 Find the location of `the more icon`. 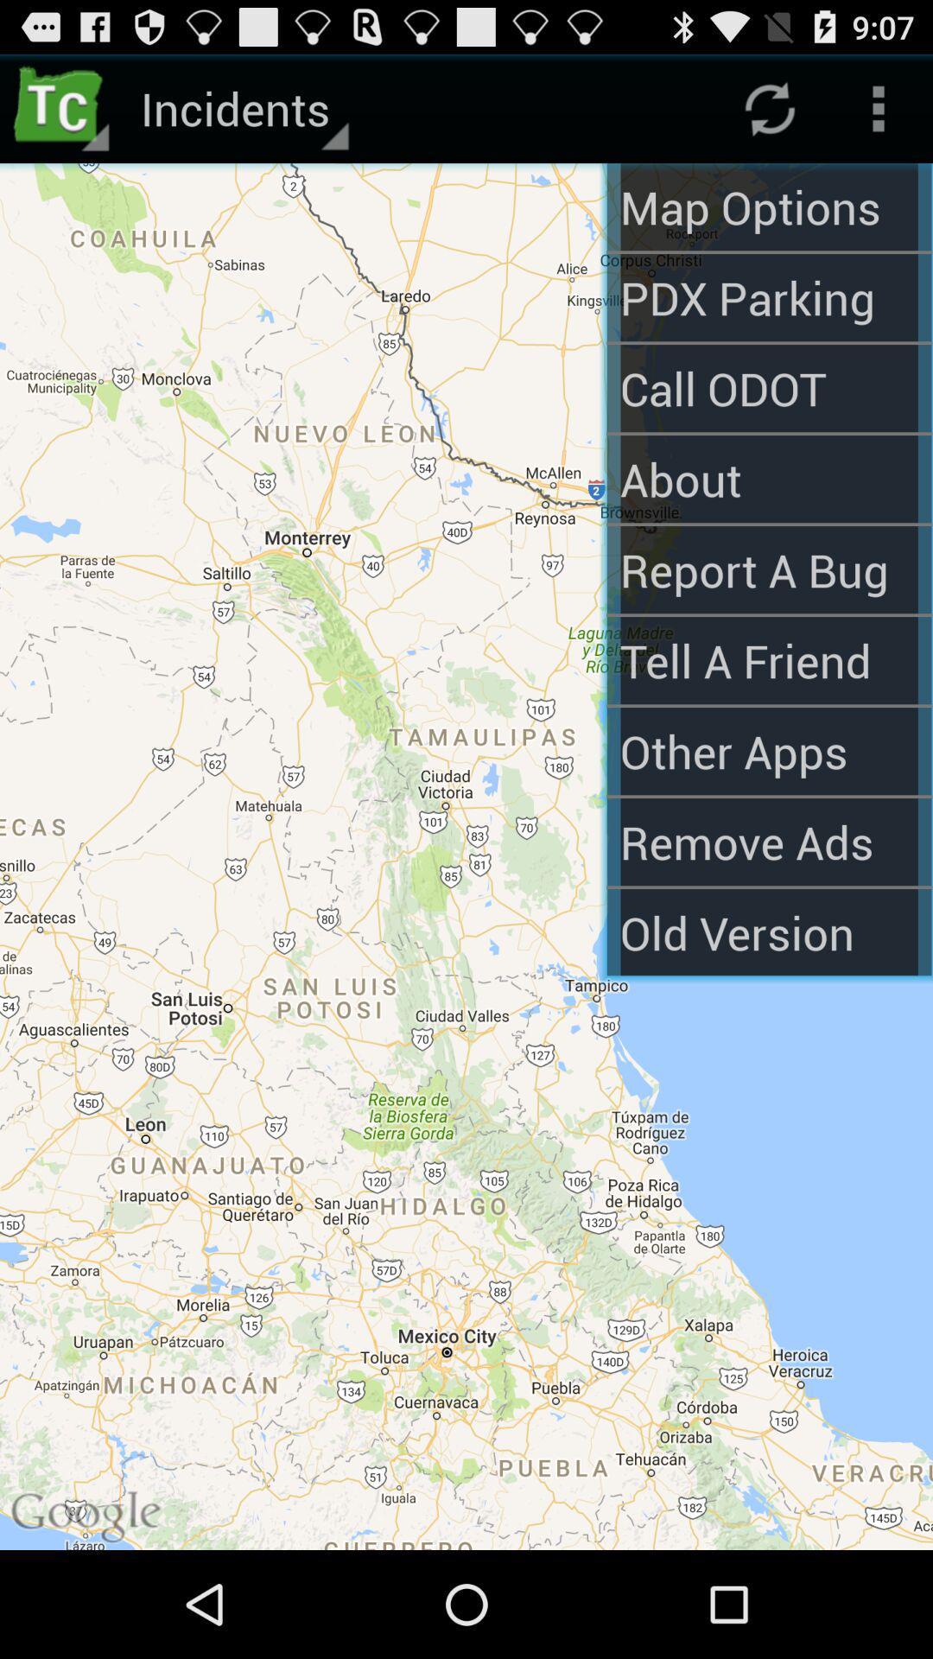

the more icon is located at coordinates (879, 115).